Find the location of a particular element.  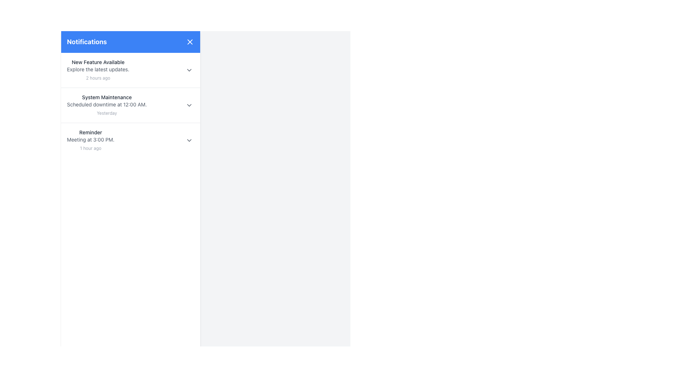

the static text label displaying the timestamp for the 'System Maintenance' notification, which is located at the bottom-right part of the notification card is located at coordinates (106, 113).